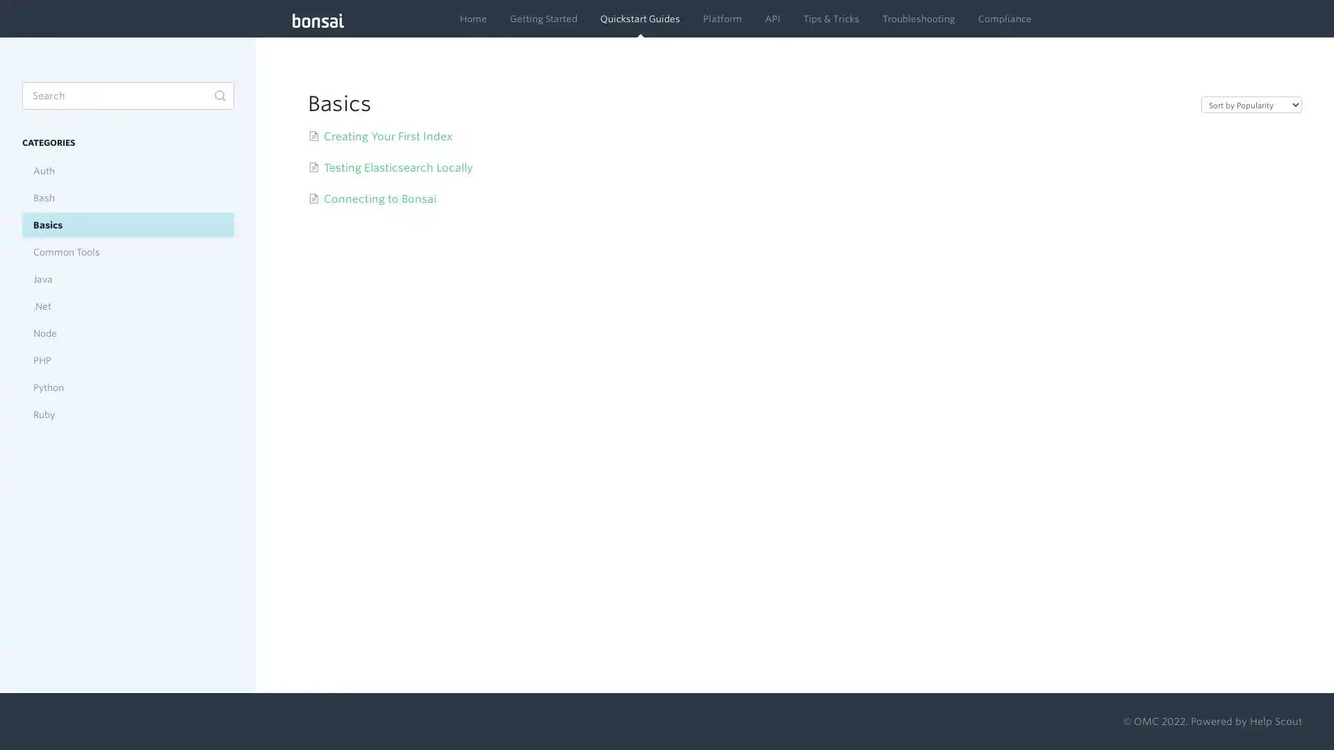  What do you see at coordinates (219, 95) in the screenshot?
I see `Toggle Search` at bounding box center [219, 95].